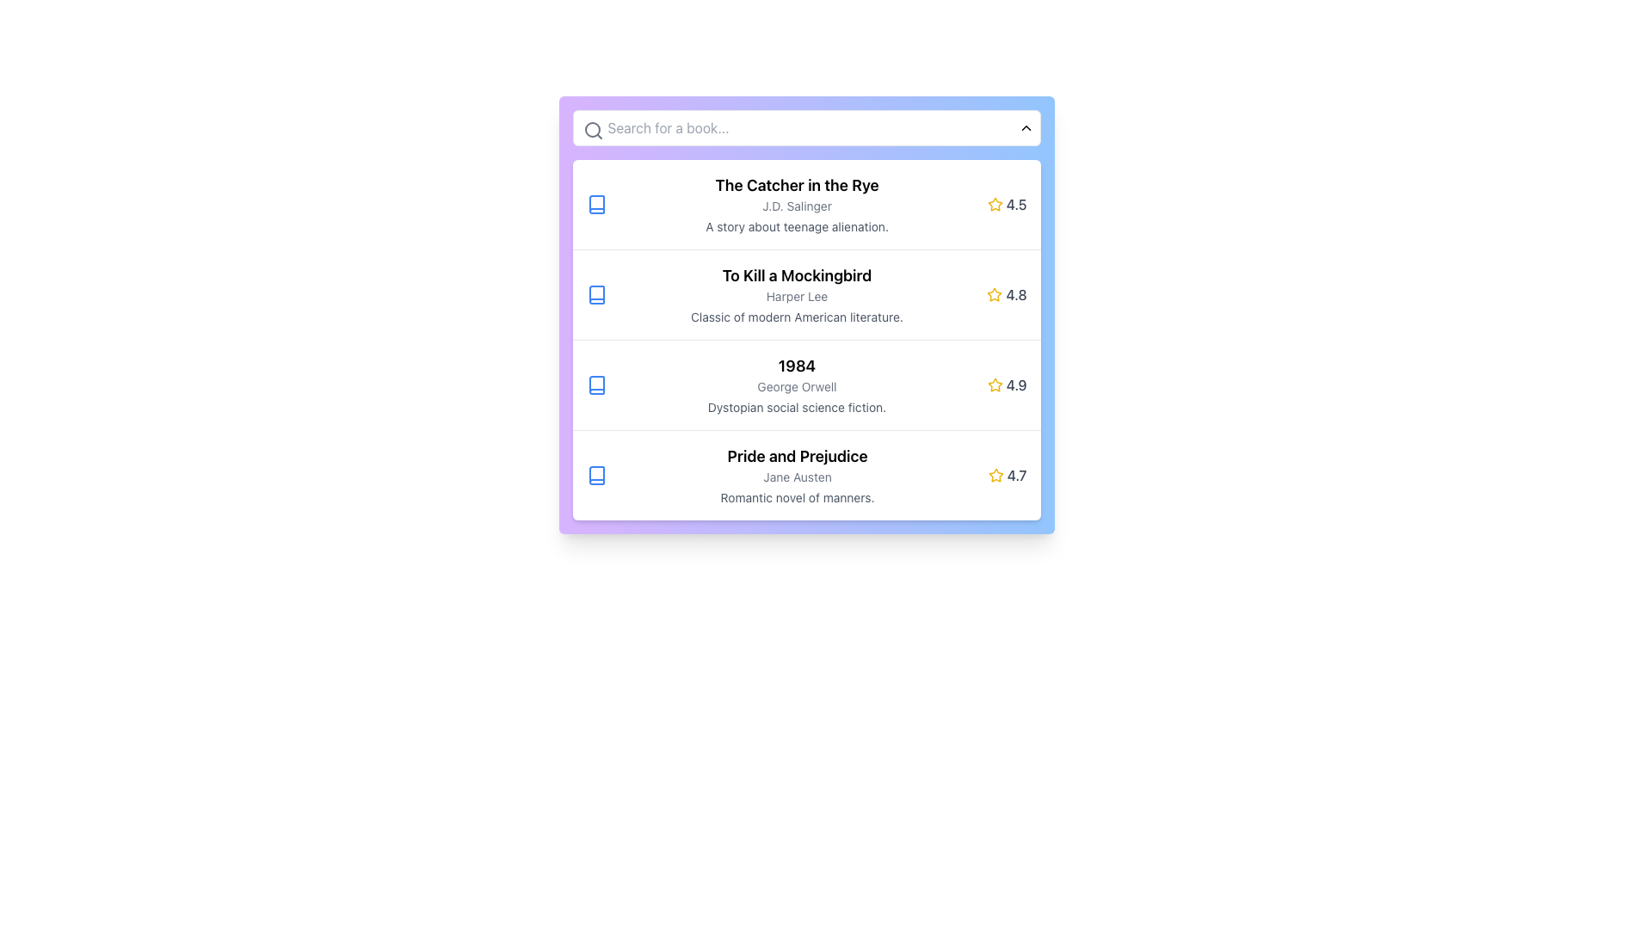 This screenshot has width=1652, height=929. Describe the element at coordinates (596, 204) in the screenshot. I see `the blue book SVG icon located to the left of the list item containing 'The Catcher in the Rye'` at that location.